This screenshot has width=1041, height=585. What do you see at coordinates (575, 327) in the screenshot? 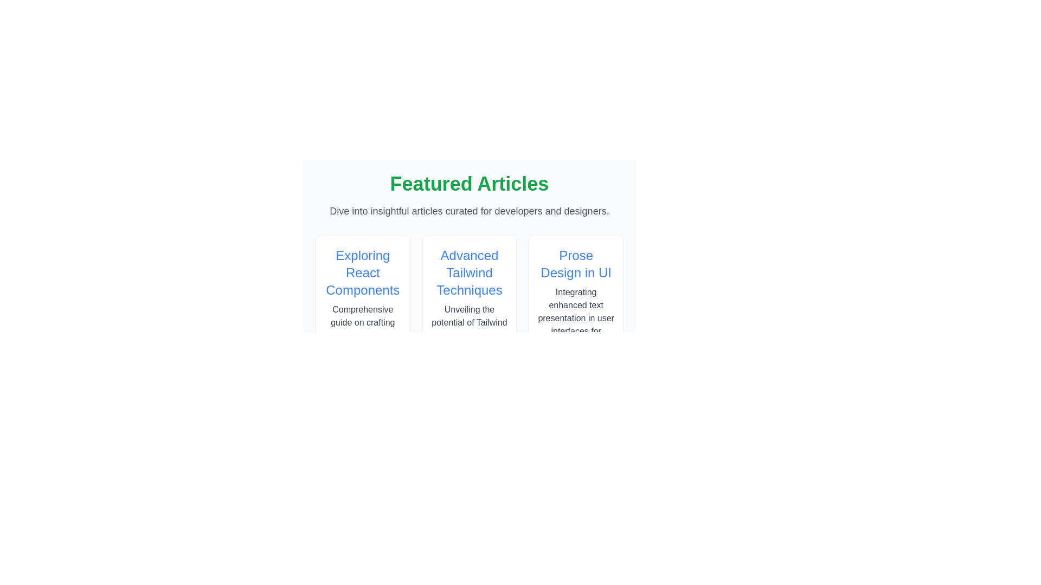
I see `the card component titled 'Prose Design in UI', which has a white background, rounded corners, and is located at the top-right of the group, adjacent to 'Advanced Tailwind Techniques'` at bounding box center [575, 327].